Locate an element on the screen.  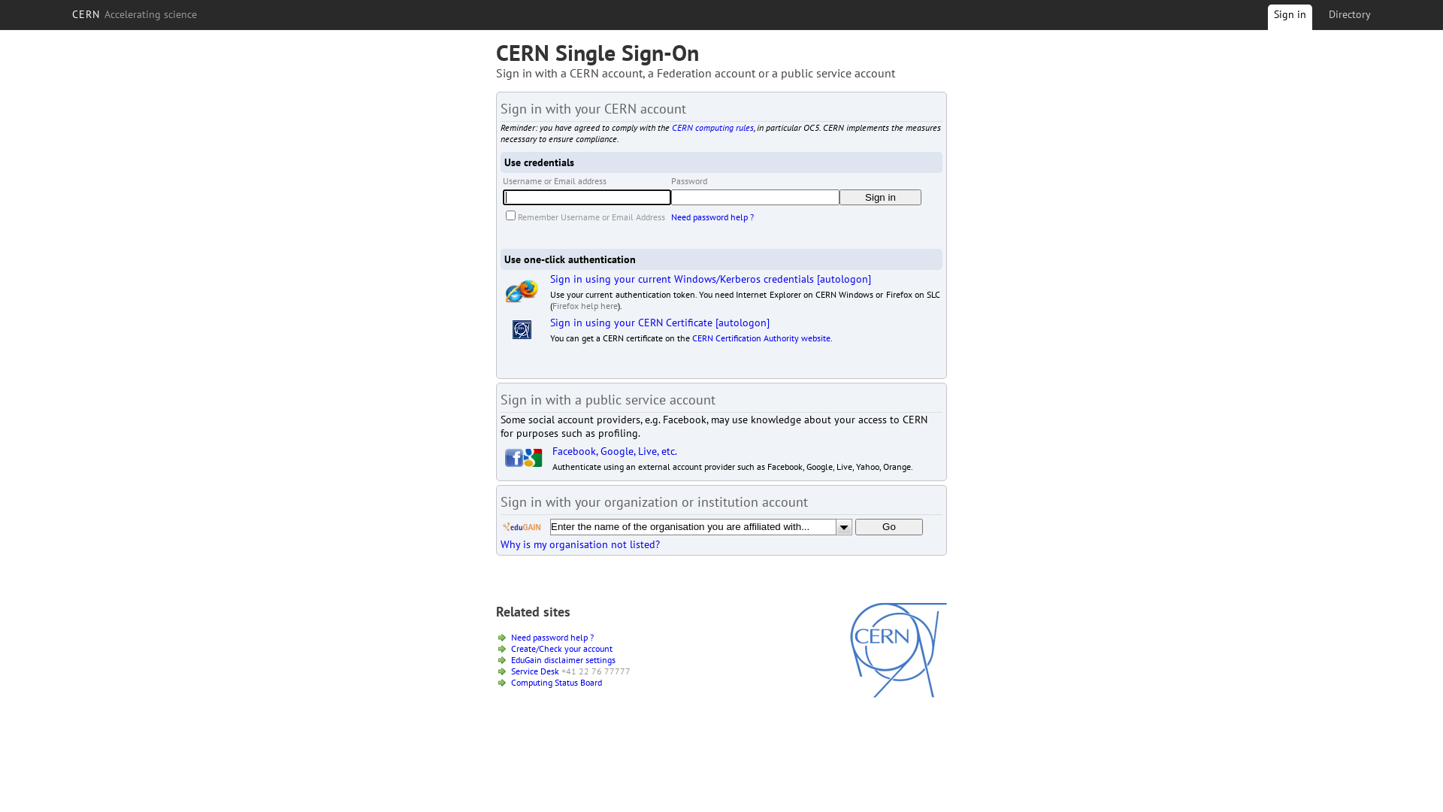
'Firefox help here' is located at coordinates (584, 304).